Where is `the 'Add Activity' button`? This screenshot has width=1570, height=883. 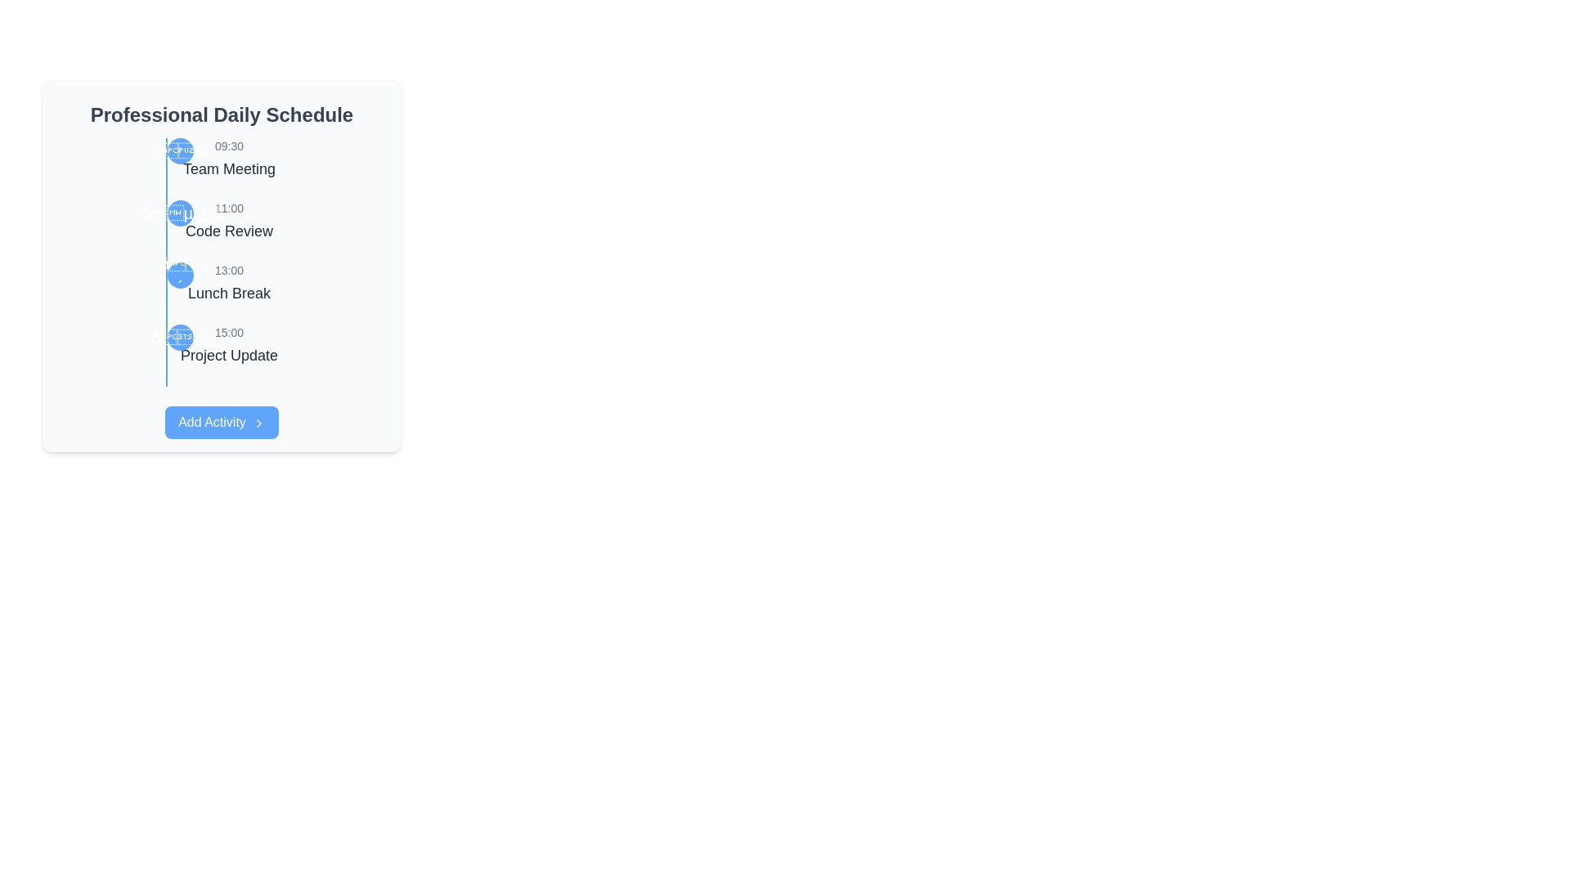 the 'Add Activity' button is located at coordinates (221, 421).